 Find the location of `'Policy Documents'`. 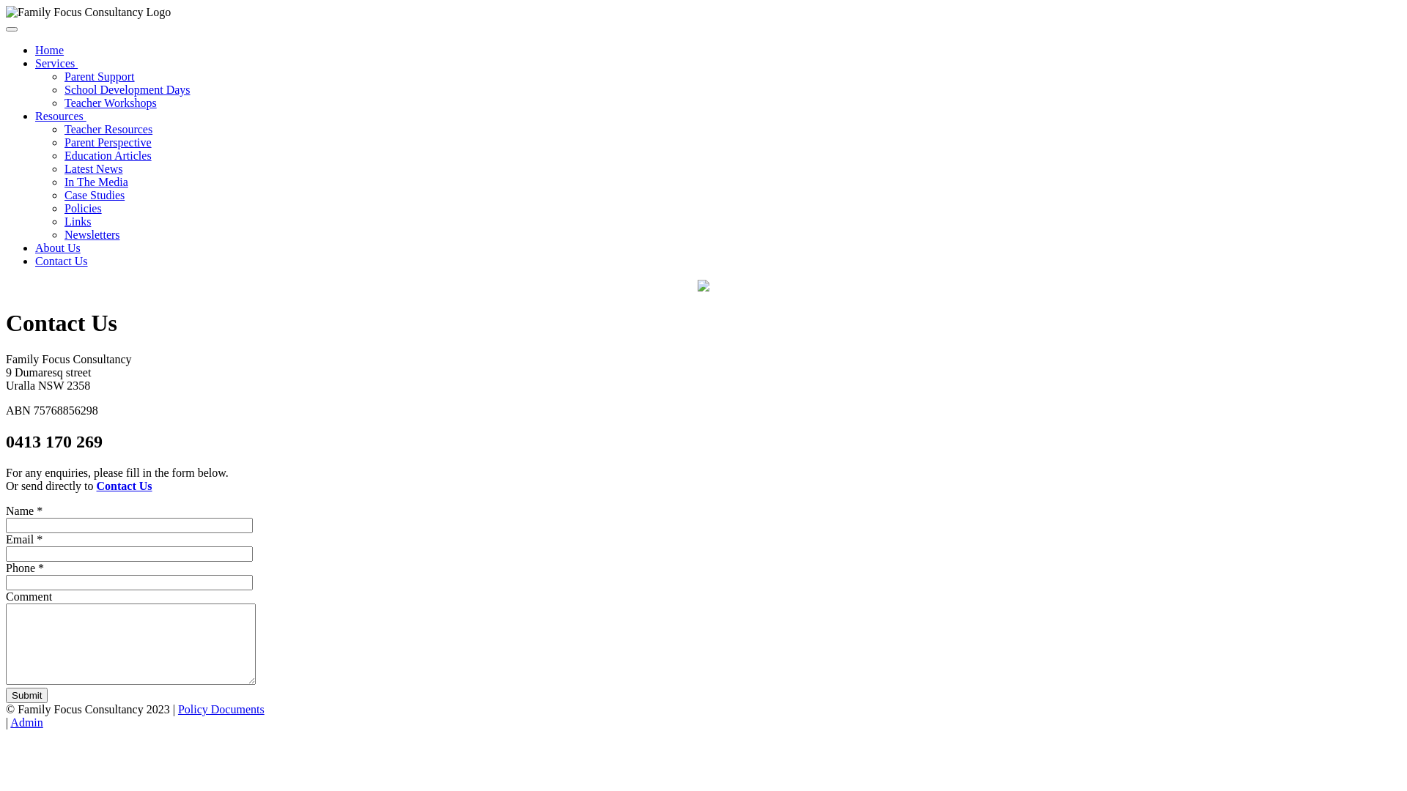

'Policy Documents' is located at coordinates (221, 708).